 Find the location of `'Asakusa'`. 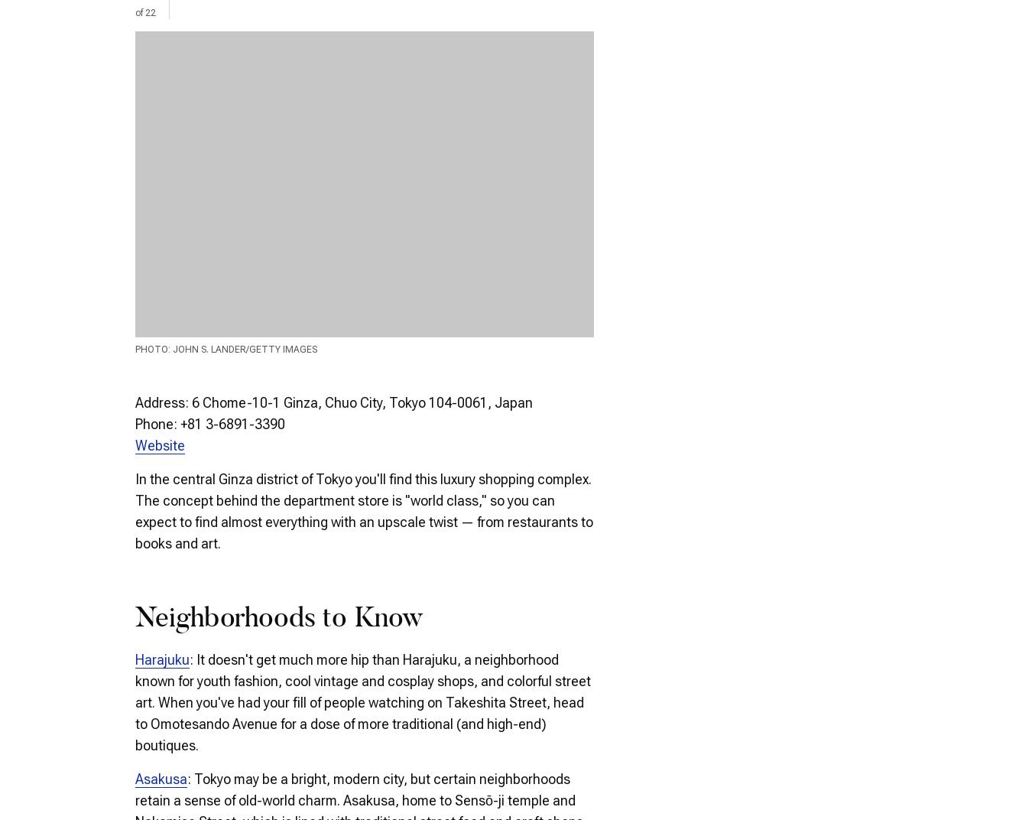

'Asakusa' is located at coordinates (161, 778).